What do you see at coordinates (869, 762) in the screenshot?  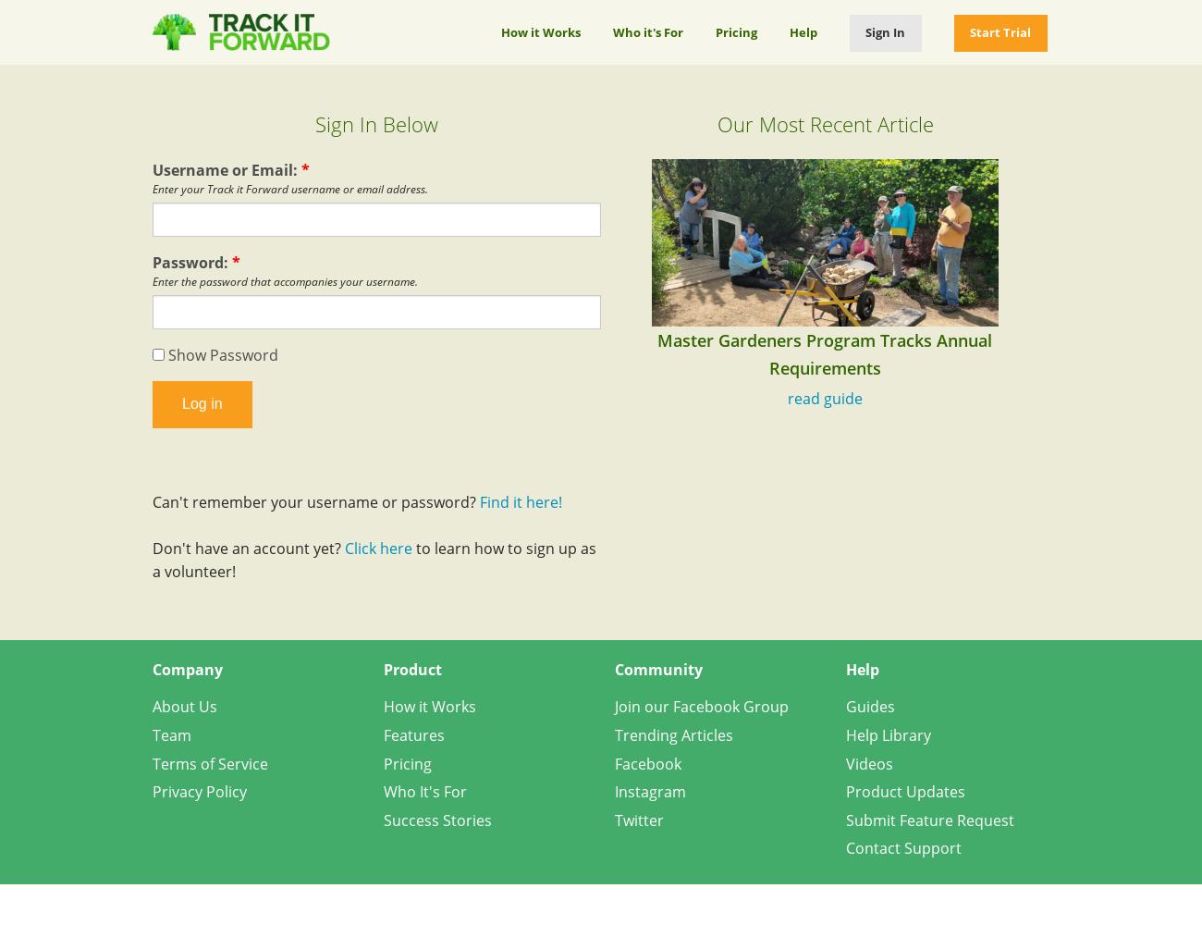 I see `'Videos'` at bounding box center [869, 762].